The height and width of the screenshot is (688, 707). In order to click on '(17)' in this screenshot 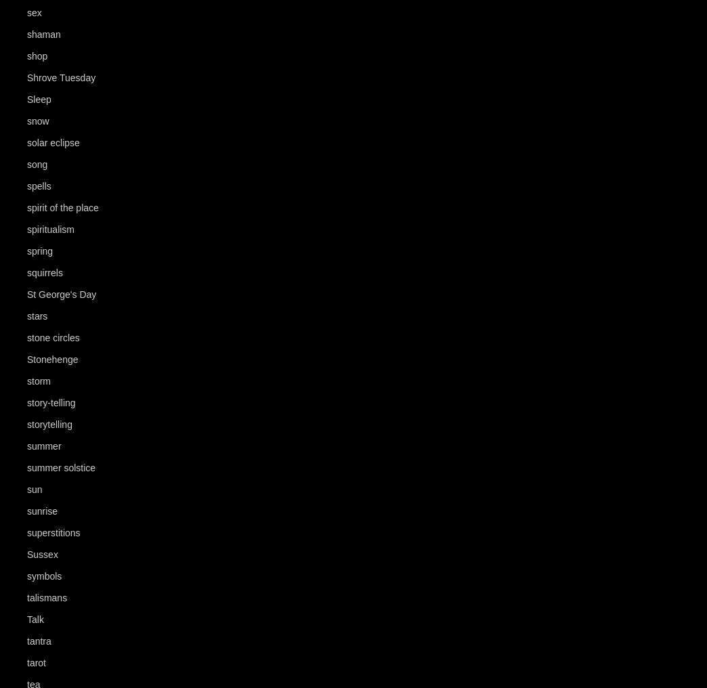, I will do `click(72, 576)`.